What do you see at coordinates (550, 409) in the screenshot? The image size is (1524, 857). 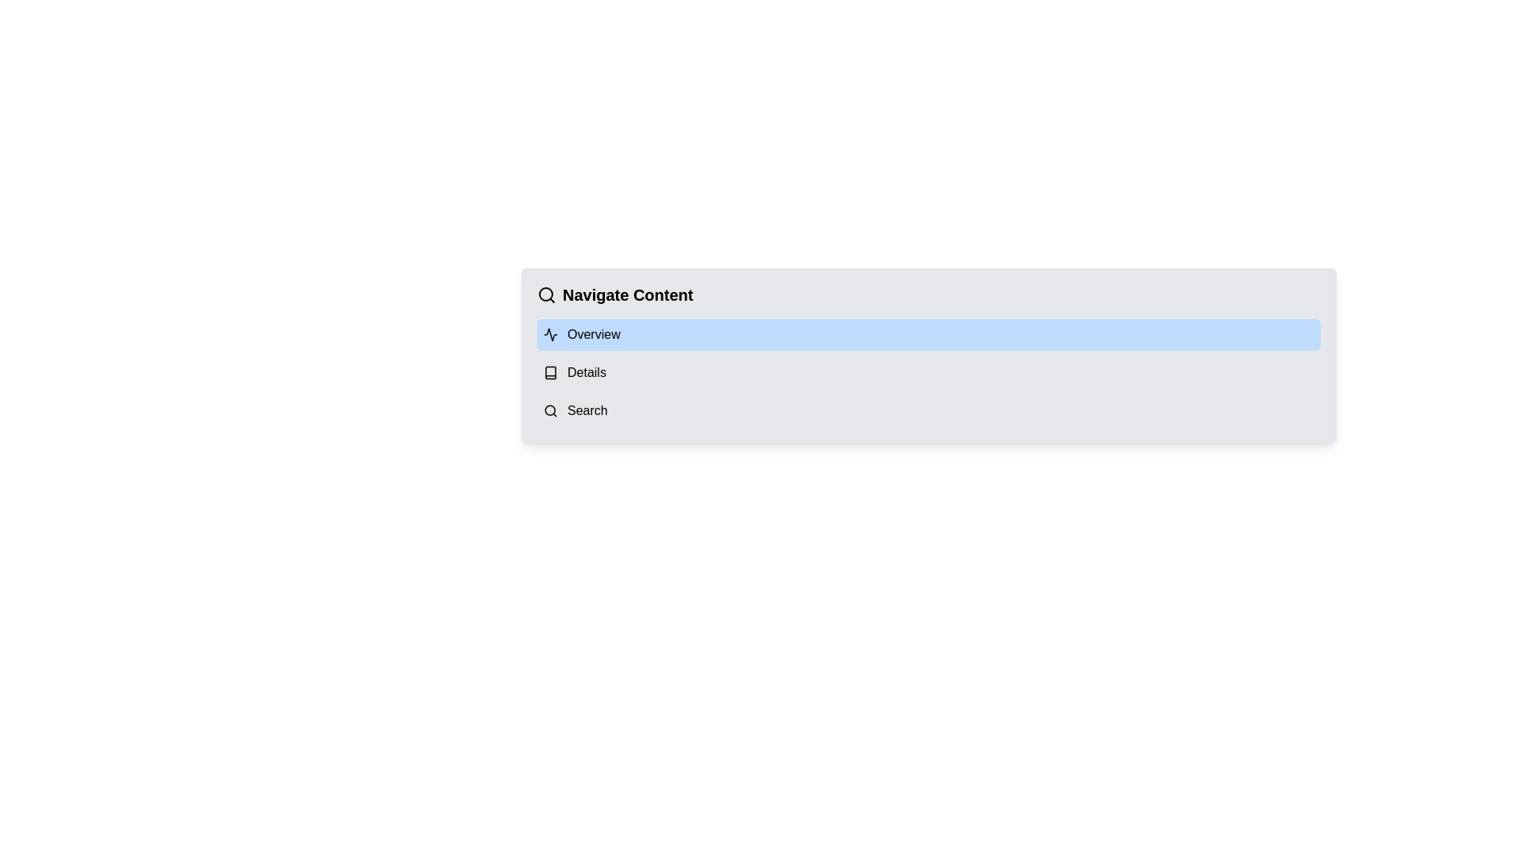 I see `the SVG Circle that visually represents part of a magnifying glass icon, associated with the search functionality near the title 'Navigate Content'` at bounding box center [550, 409].